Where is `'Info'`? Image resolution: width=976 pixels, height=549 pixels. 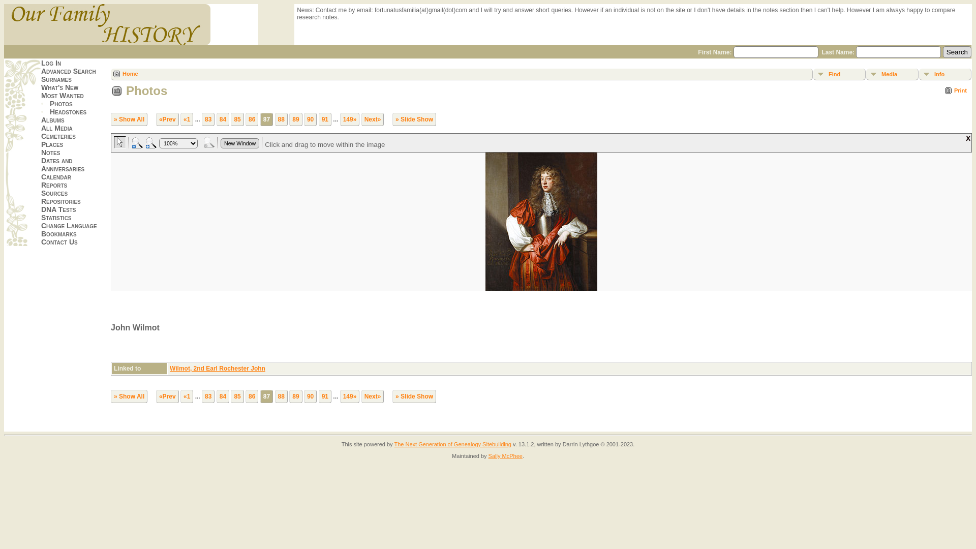
'Info' is located at coordinates (944, 74).